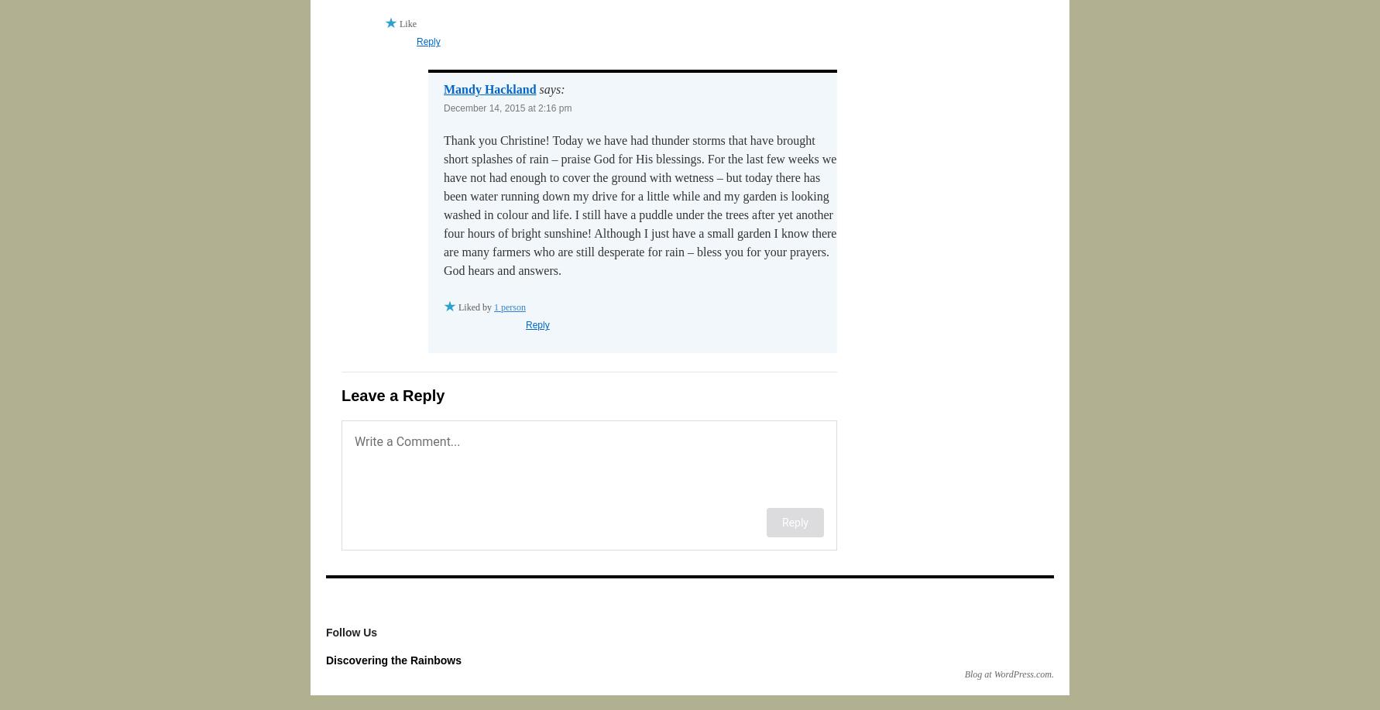 The height and width of the screenshot is (710, 1380). What do you see at coordinates (506, 108) in the screenshot?
I see `'December 14, 2015 at 2:16 pm'` at bounding box center [506, 108].